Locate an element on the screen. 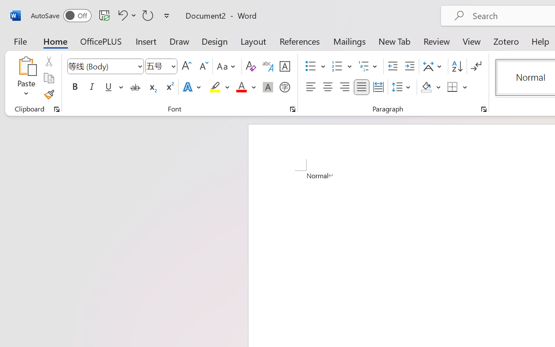 The image size is (555, 347). 'Zotero' is located at coordinates (506, 41).